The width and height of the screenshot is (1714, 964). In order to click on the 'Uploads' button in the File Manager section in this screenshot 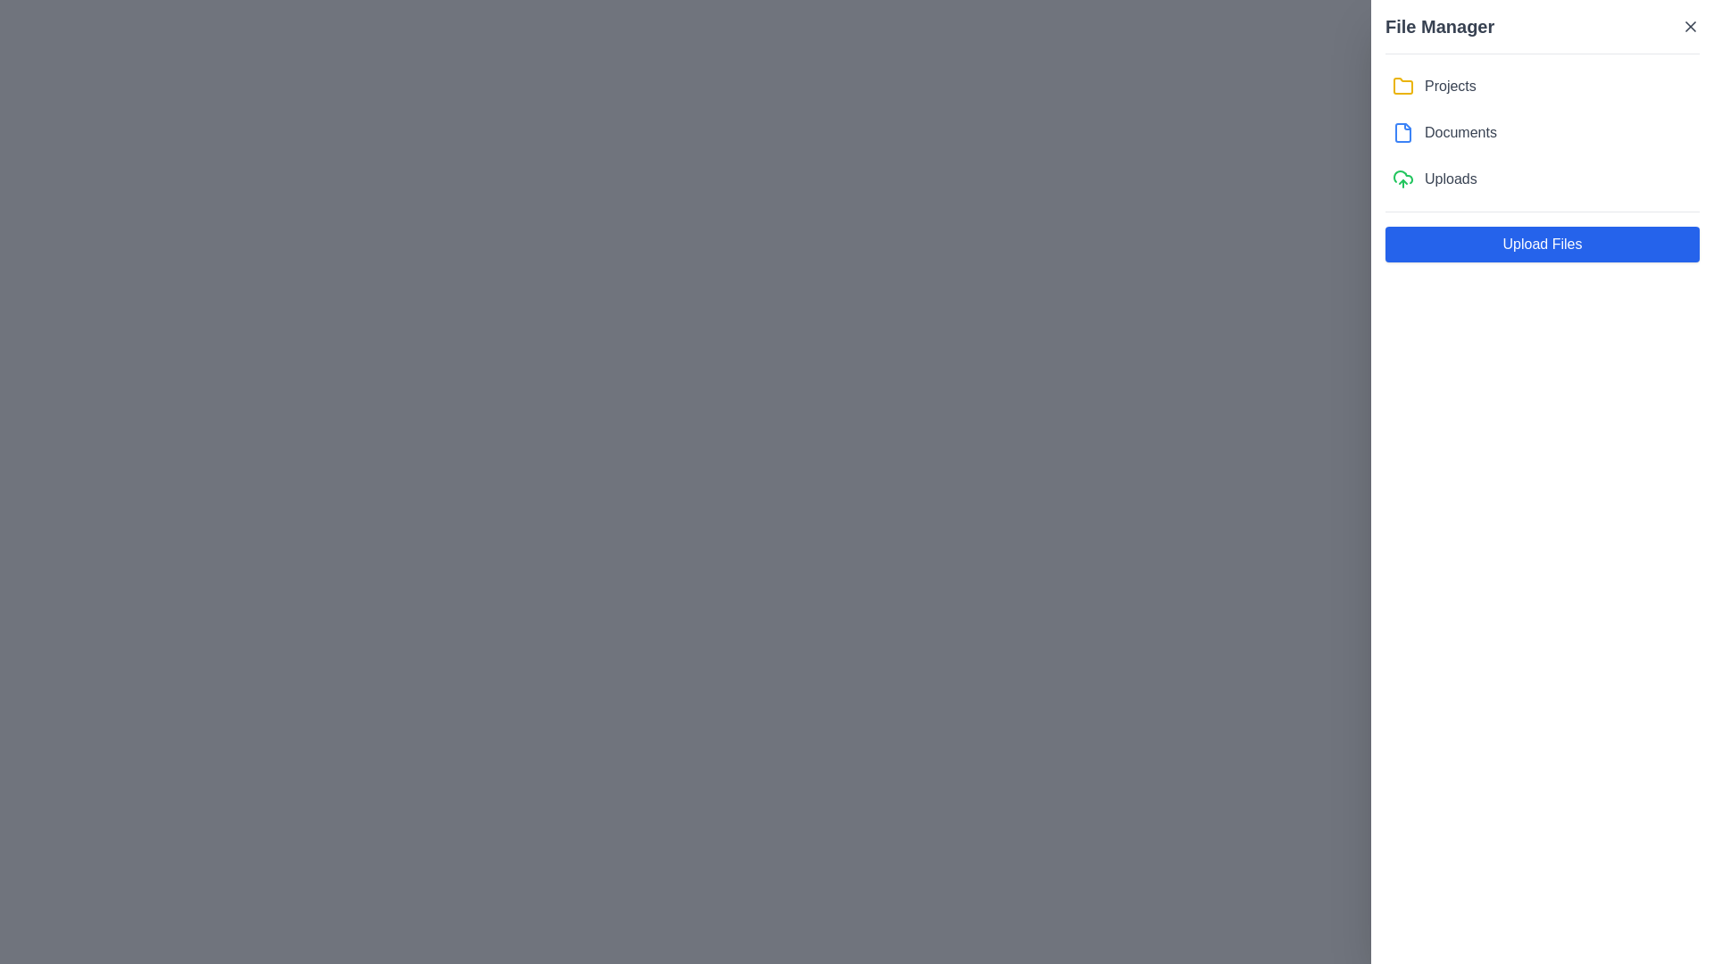, I will do `click(1542, 179)`.